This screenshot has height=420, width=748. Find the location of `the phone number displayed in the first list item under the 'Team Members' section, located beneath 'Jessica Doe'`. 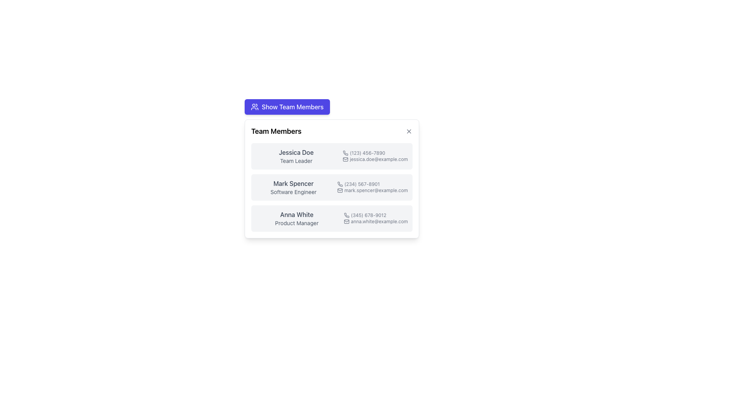

the phone number displayed in the first list item under the 'Team Members' section, located beneath 'Jessica Doe' is located at coordinates (375, 153).